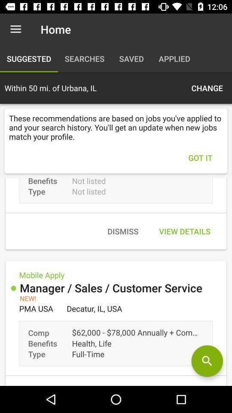 This screenshot has height=413, width=232. What do you see at coordinates (15, 29) in the screenshot?
I see `the icon above suggested icon` at bounding box center [15, 29].